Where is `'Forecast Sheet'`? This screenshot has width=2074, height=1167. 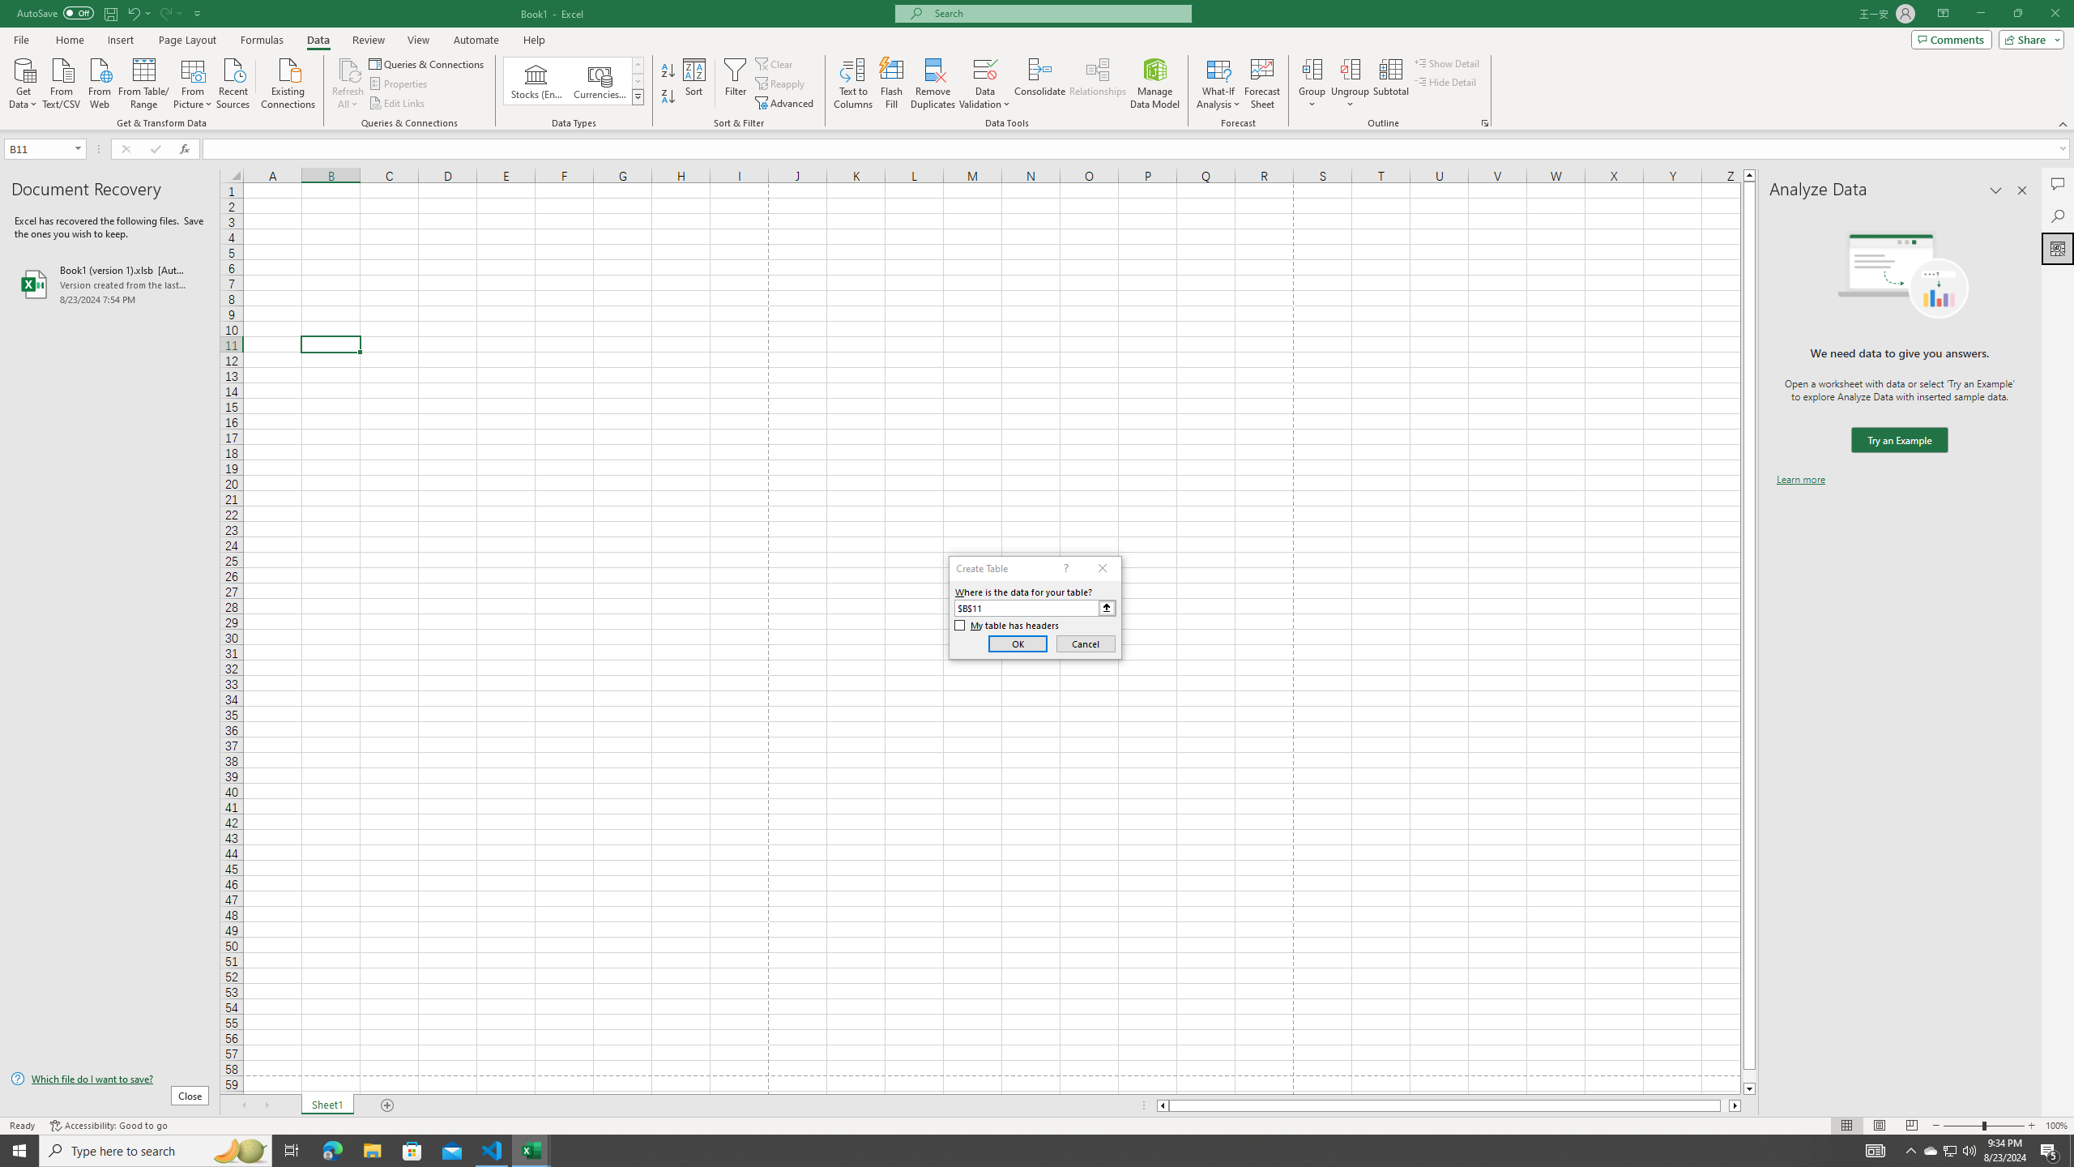
'Forecast Sheet' is located at coordinates (1261, 83).